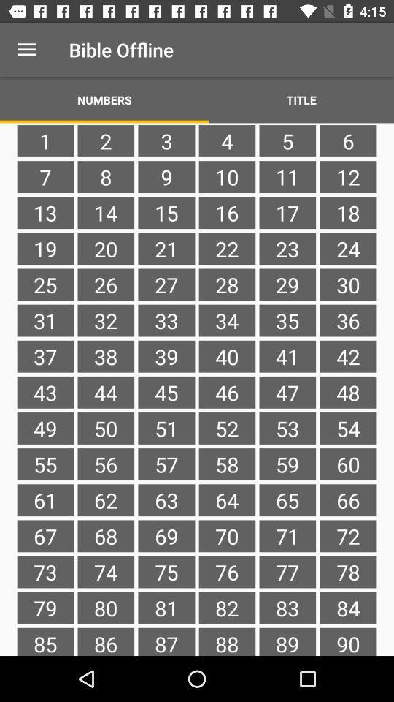 This screenshot has width=394, height=702. Describe the element at coordinates (105, 391) in the screenshot. I see `item above the 49` at that location.